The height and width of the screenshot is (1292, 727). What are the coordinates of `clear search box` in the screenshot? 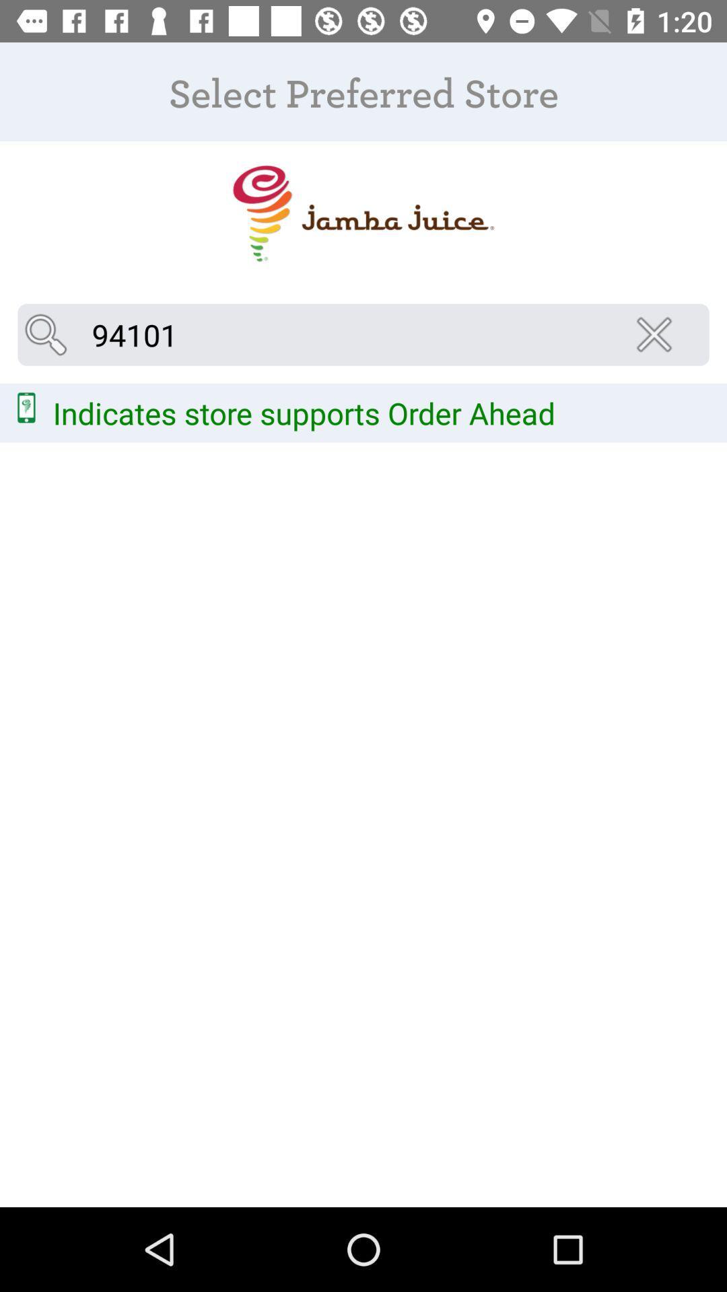 It's located at (658, 334).